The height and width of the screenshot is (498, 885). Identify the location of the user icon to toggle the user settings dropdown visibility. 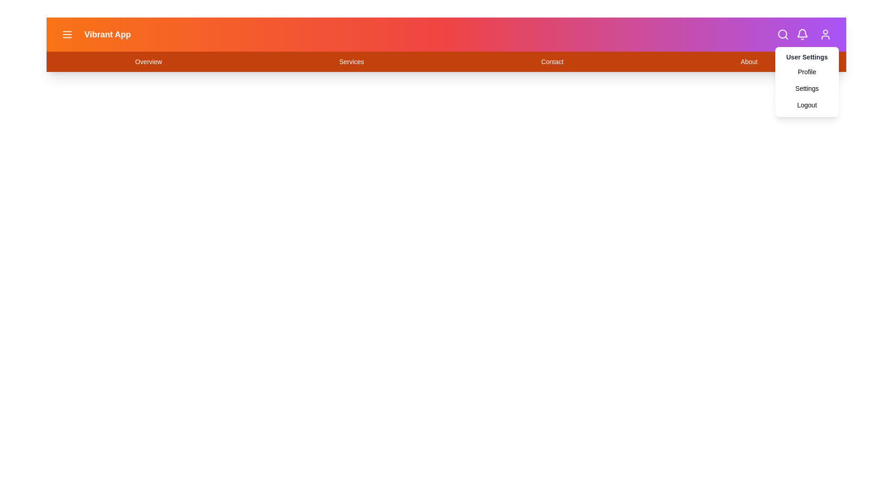
(825, 34).